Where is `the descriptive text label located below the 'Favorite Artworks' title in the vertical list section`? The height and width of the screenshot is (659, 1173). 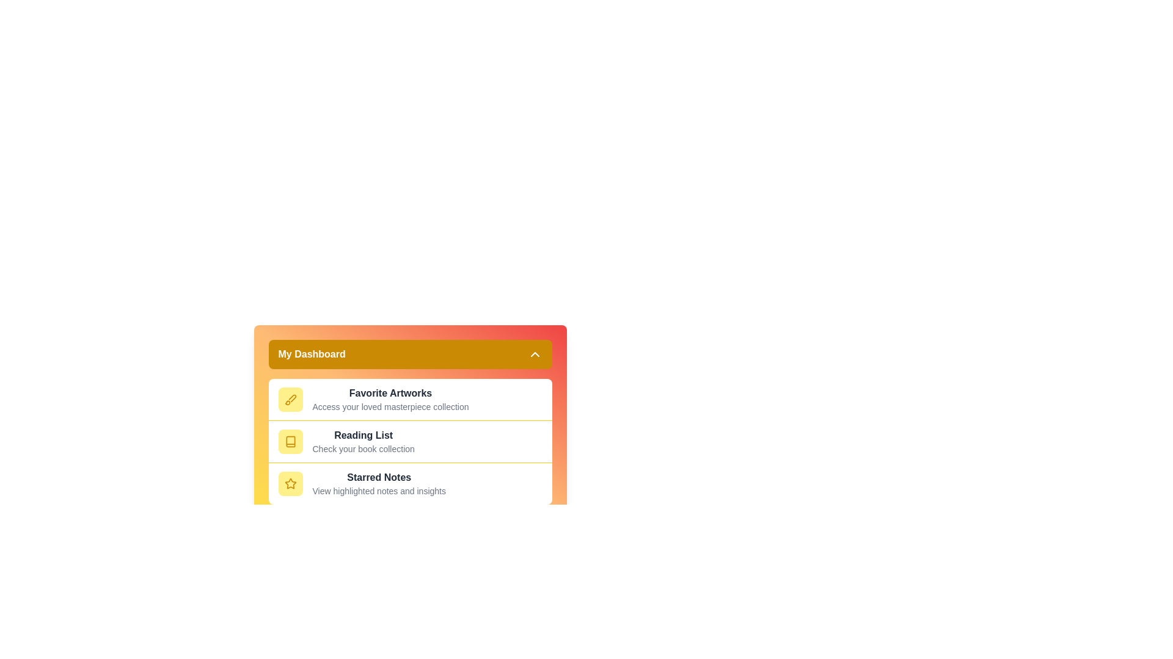 the descriptive text label located below the 'Favorite Artworks' title in the vertical list section is located at coordinates (390, 407).